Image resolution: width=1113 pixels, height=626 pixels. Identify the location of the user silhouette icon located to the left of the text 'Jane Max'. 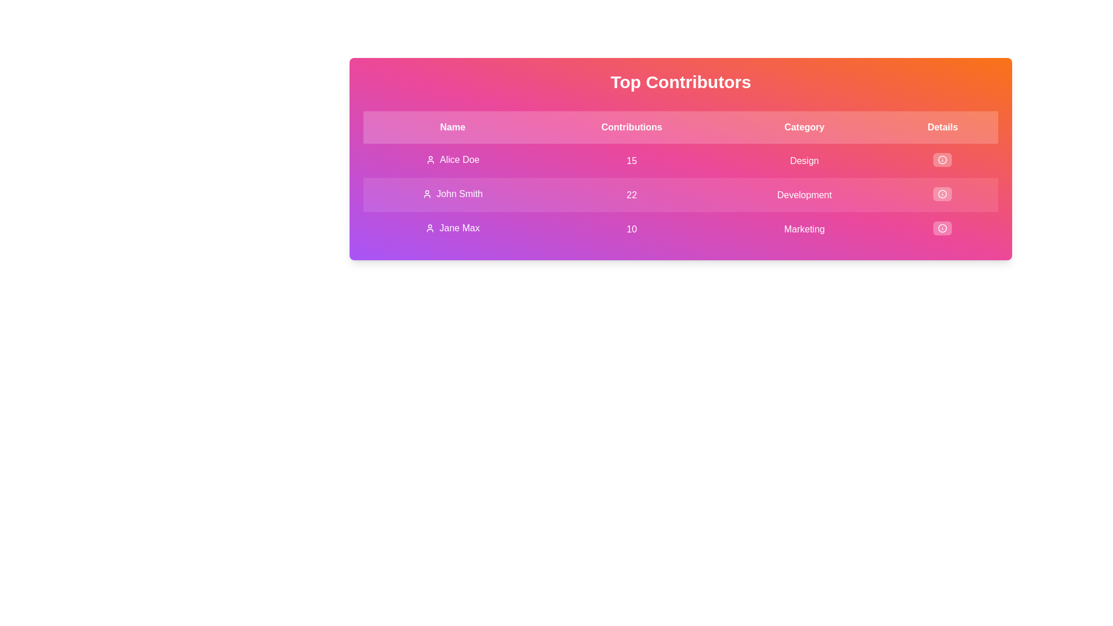
(430, 228).